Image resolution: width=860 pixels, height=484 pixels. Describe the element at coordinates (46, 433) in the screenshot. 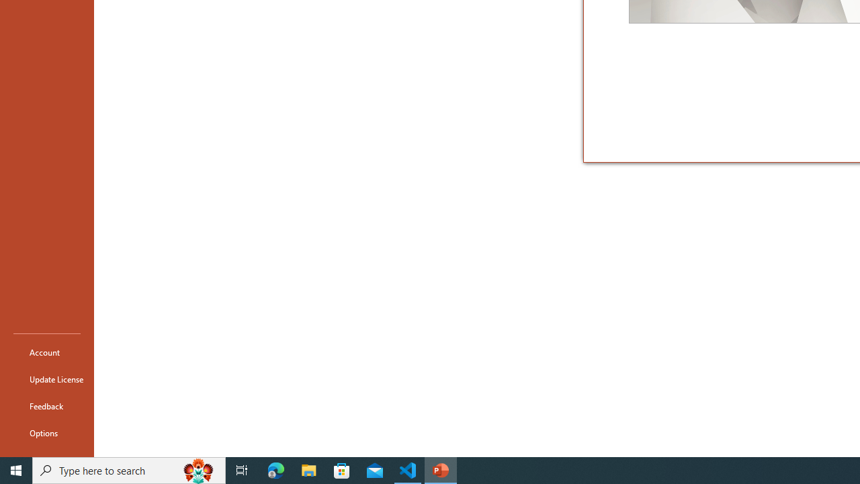

I see `'Options'` at that location.